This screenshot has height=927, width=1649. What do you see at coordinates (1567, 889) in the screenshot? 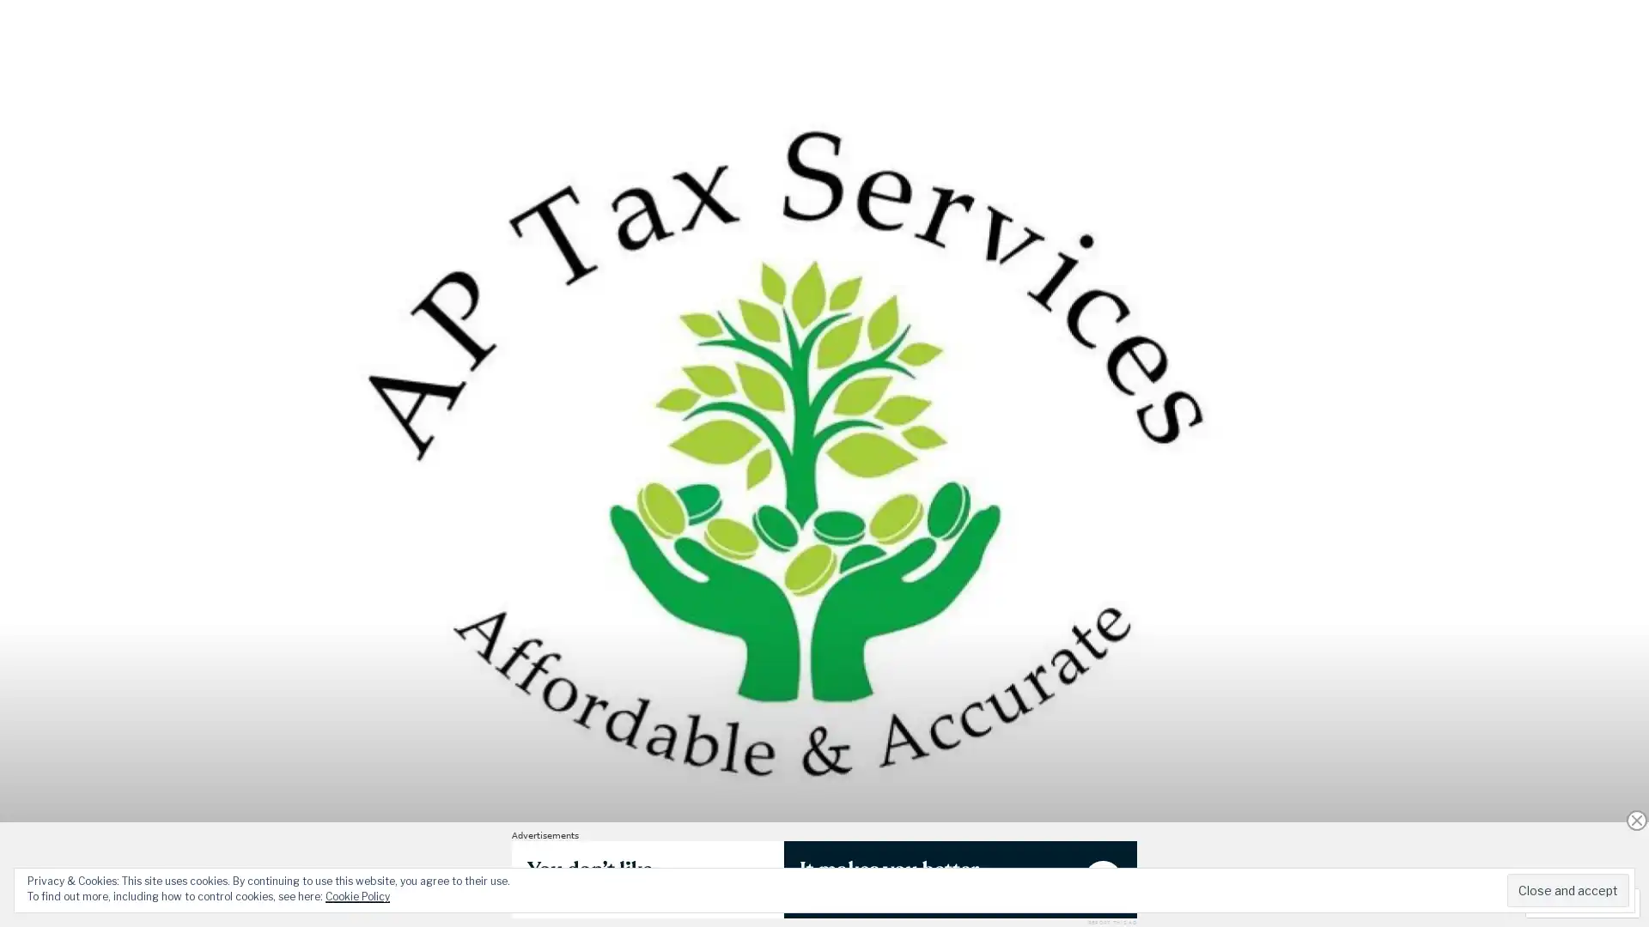
I see `Close and accept` at bounding box center [1567, 889].